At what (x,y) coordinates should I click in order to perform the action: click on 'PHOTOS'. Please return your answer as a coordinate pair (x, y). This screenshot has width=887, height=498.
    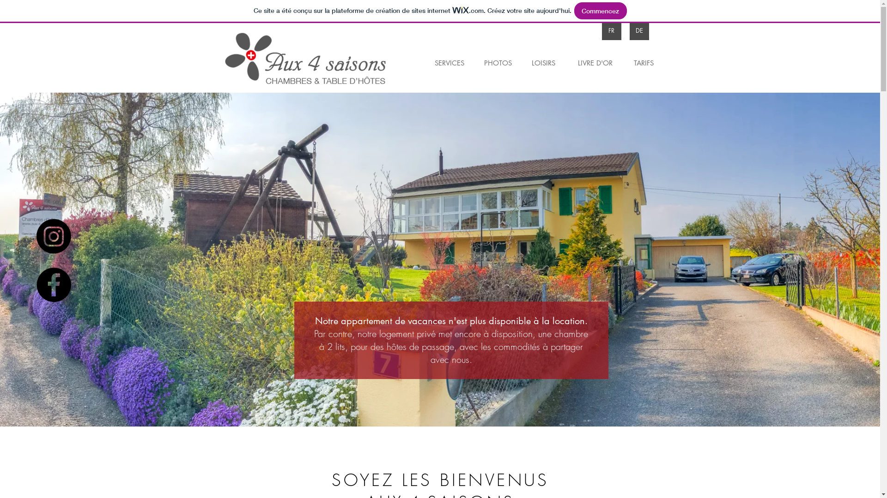
    Looking at the image, I should click on (476, 62).